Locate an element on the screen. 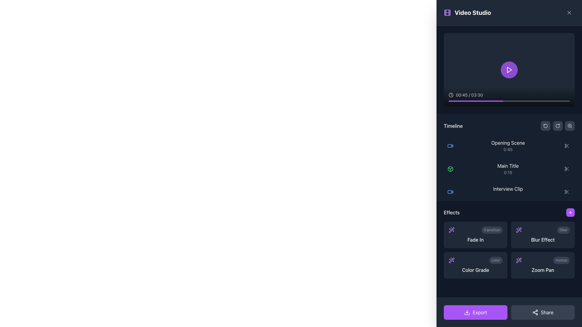 Image resolution: width=582 pixels, height=327 pixels. the play button located in the top center section of the video player, which is represented by a circular icon overlaying the video preview area is located at coordinates (509, 69).